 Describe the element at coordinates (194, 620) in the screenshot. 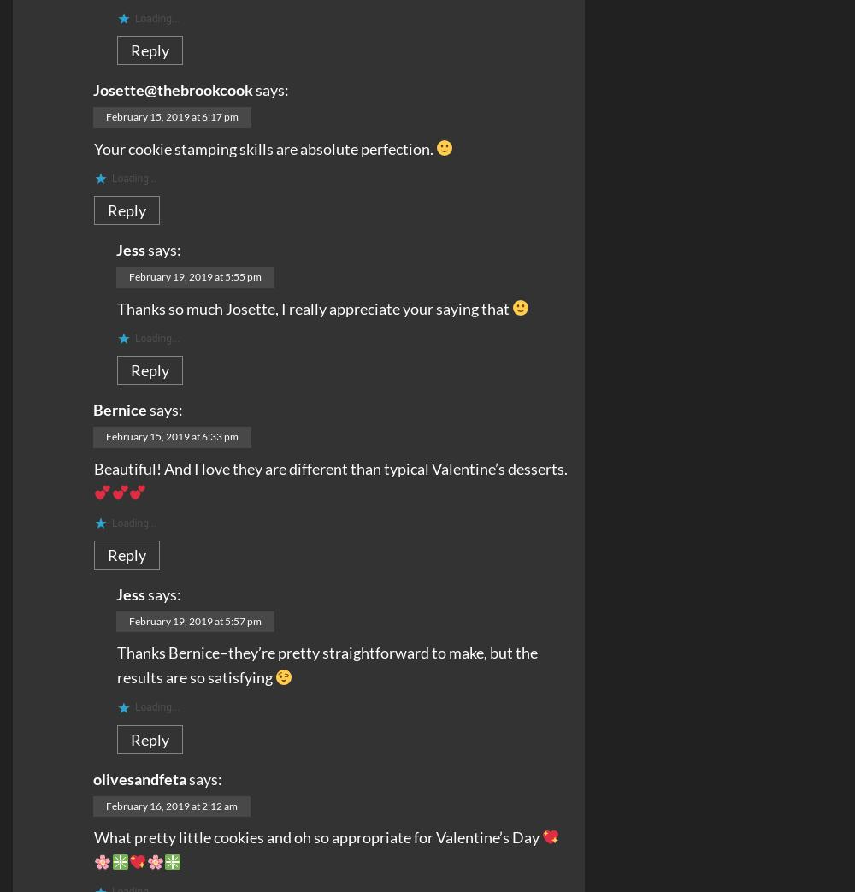

I see `'February 19, 2019 at 5:57 pm'` at that location.